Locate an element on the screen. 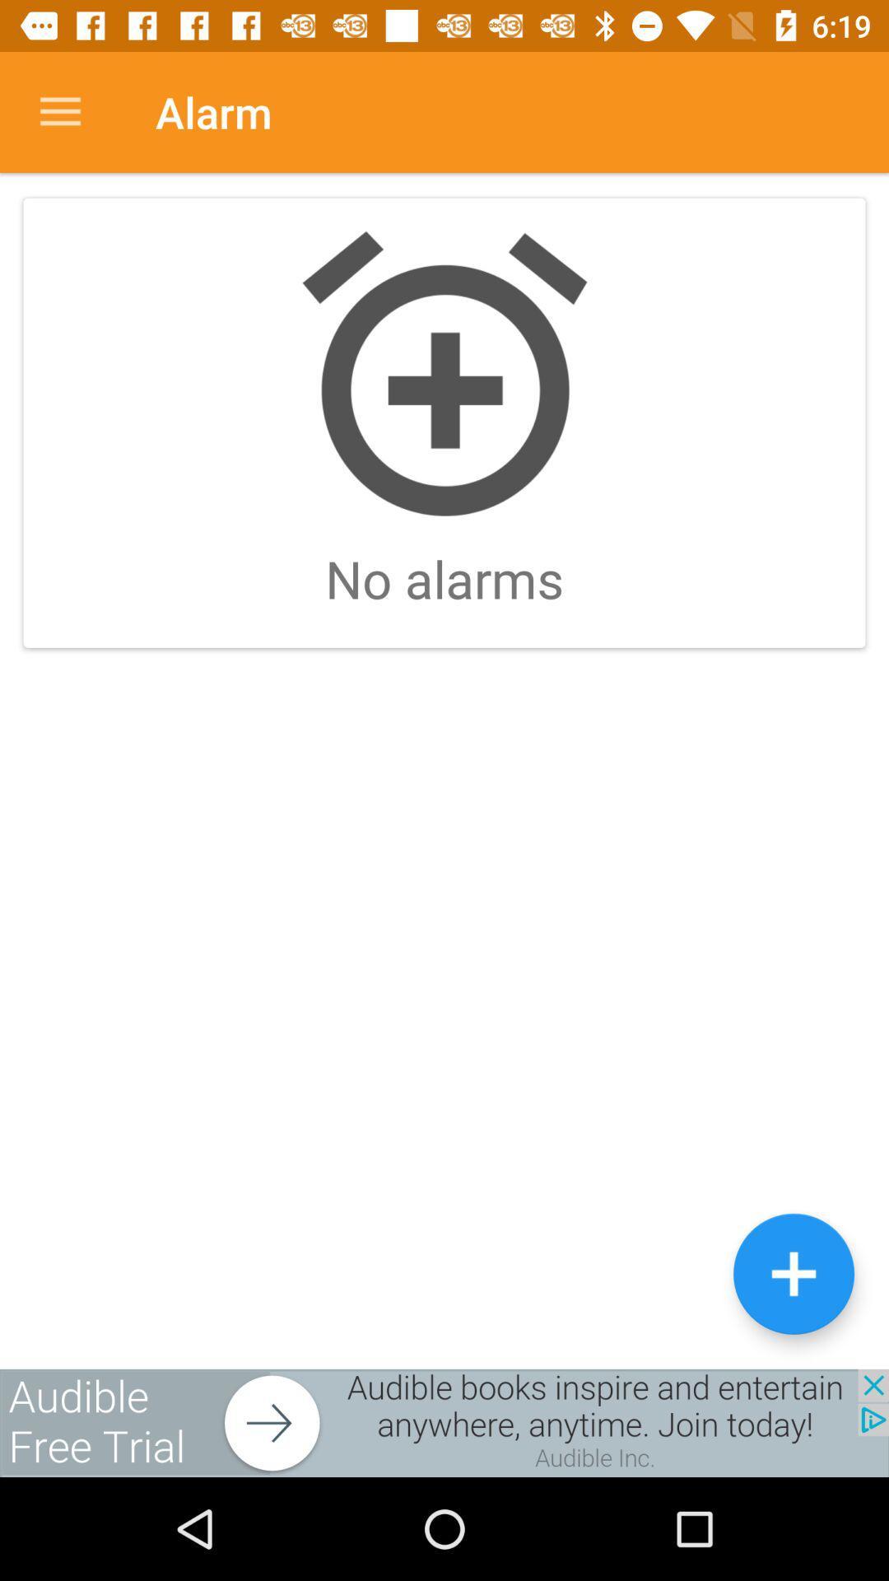  an alarm is located at coordinates (793, 1273).